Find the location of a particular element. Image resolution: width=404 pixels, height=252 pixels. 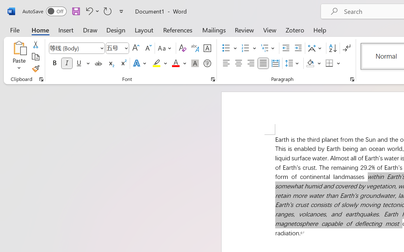

'Character Shading' is located at coordinates (195, 63).